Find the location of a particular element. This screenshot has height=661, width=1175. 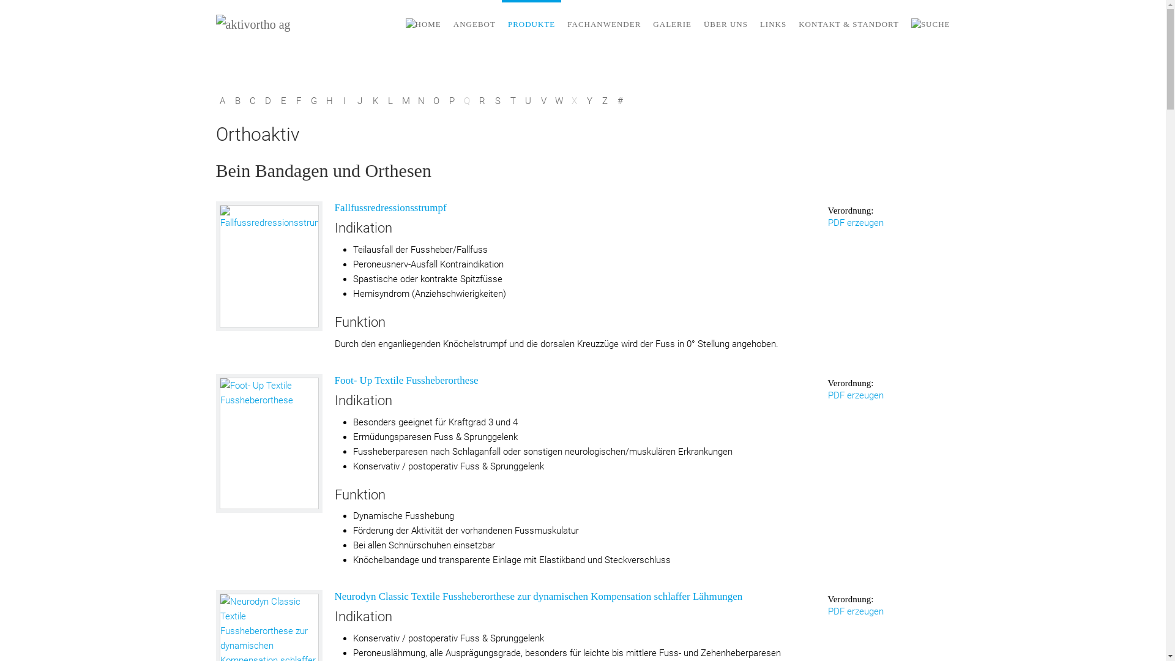

'LINKS' is located at coordinates (772, 24).